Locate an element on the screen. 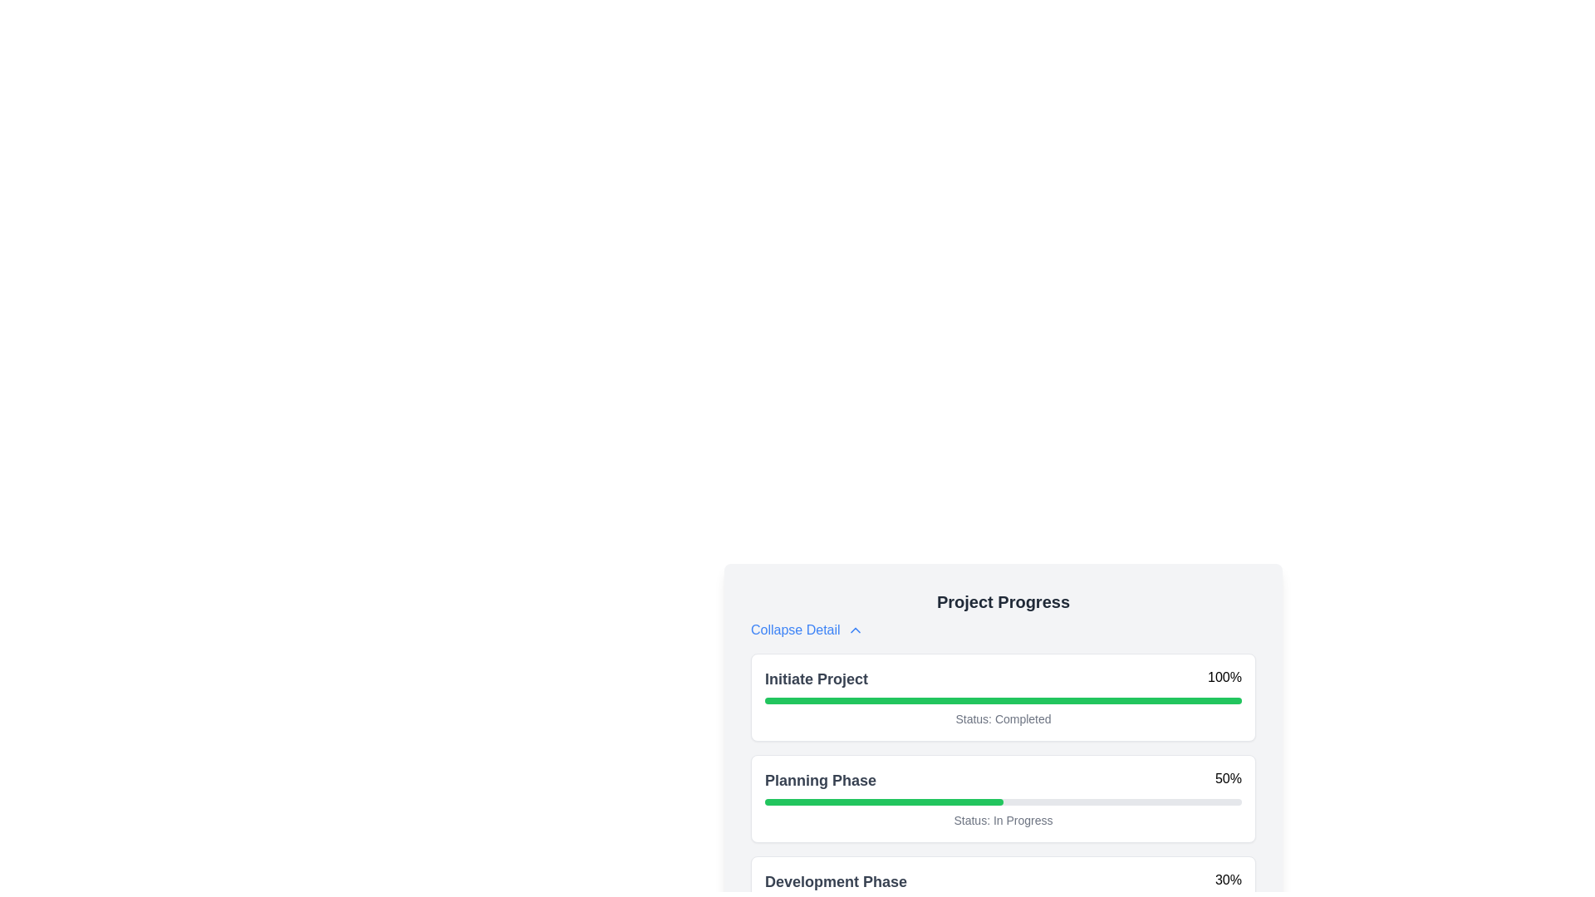  the static text element that displays the percentage of progress completed for the 'Planning Phase', located to the right of the 'Planning Phase' text is located at coordinates (1228, 781).